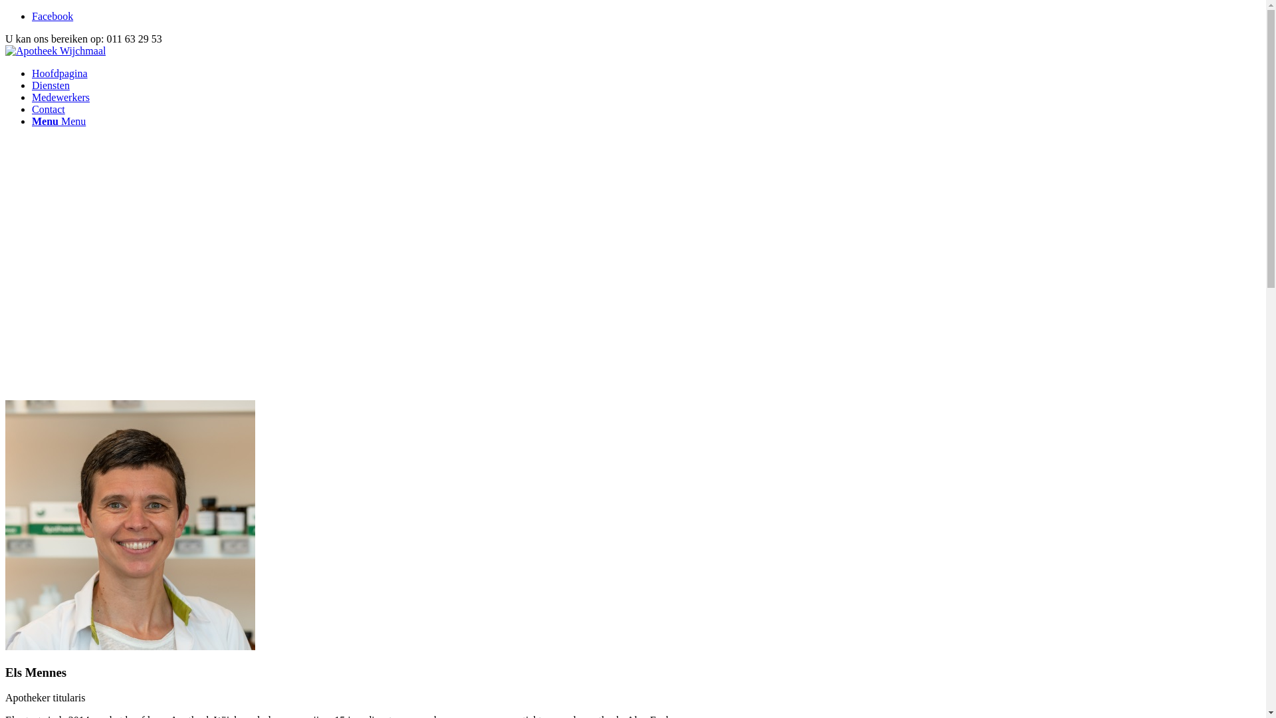  I want to click on 'Medewerkers', so click(60, 96).